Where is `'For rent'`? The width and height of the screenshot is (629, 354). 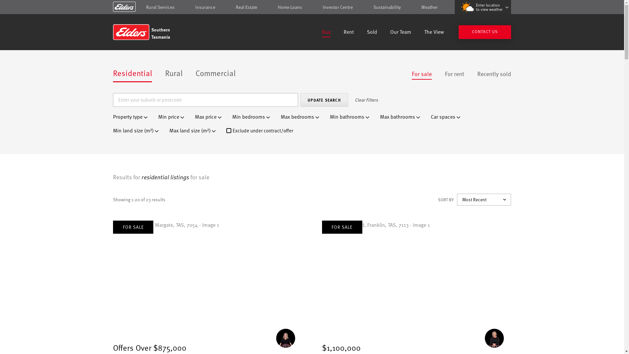
'For rent' is located at coordinates (454, 74).